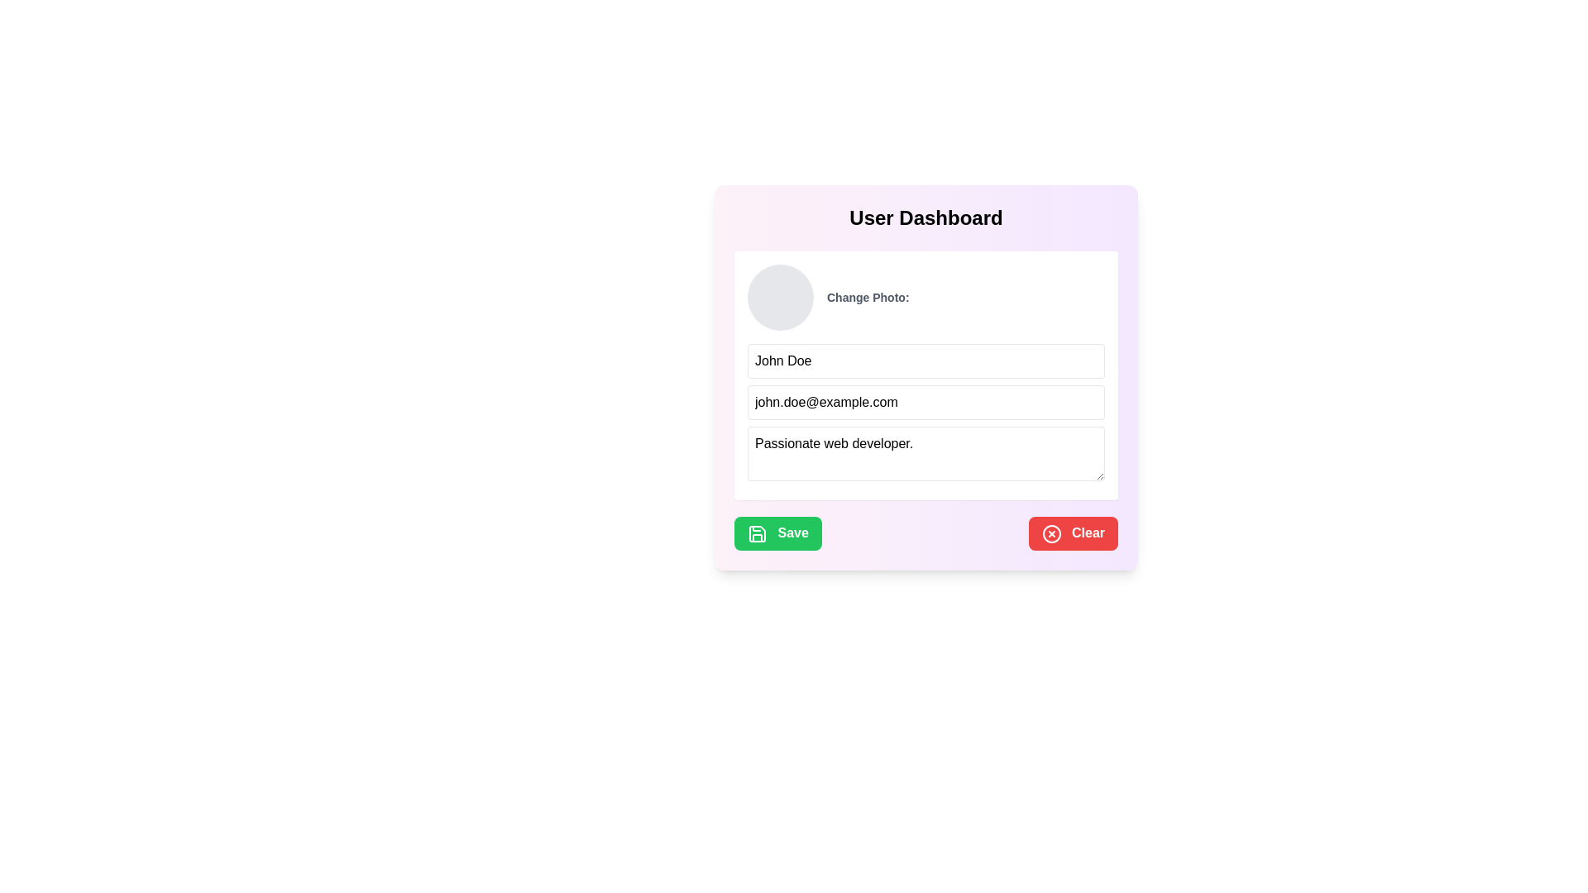  What do you see at coordinates (925, 217) in the screenshot?
I see `the header title text label located at the top center of the purple-pink gradient card, which provides context for the section` at bounding box center [925, 217].